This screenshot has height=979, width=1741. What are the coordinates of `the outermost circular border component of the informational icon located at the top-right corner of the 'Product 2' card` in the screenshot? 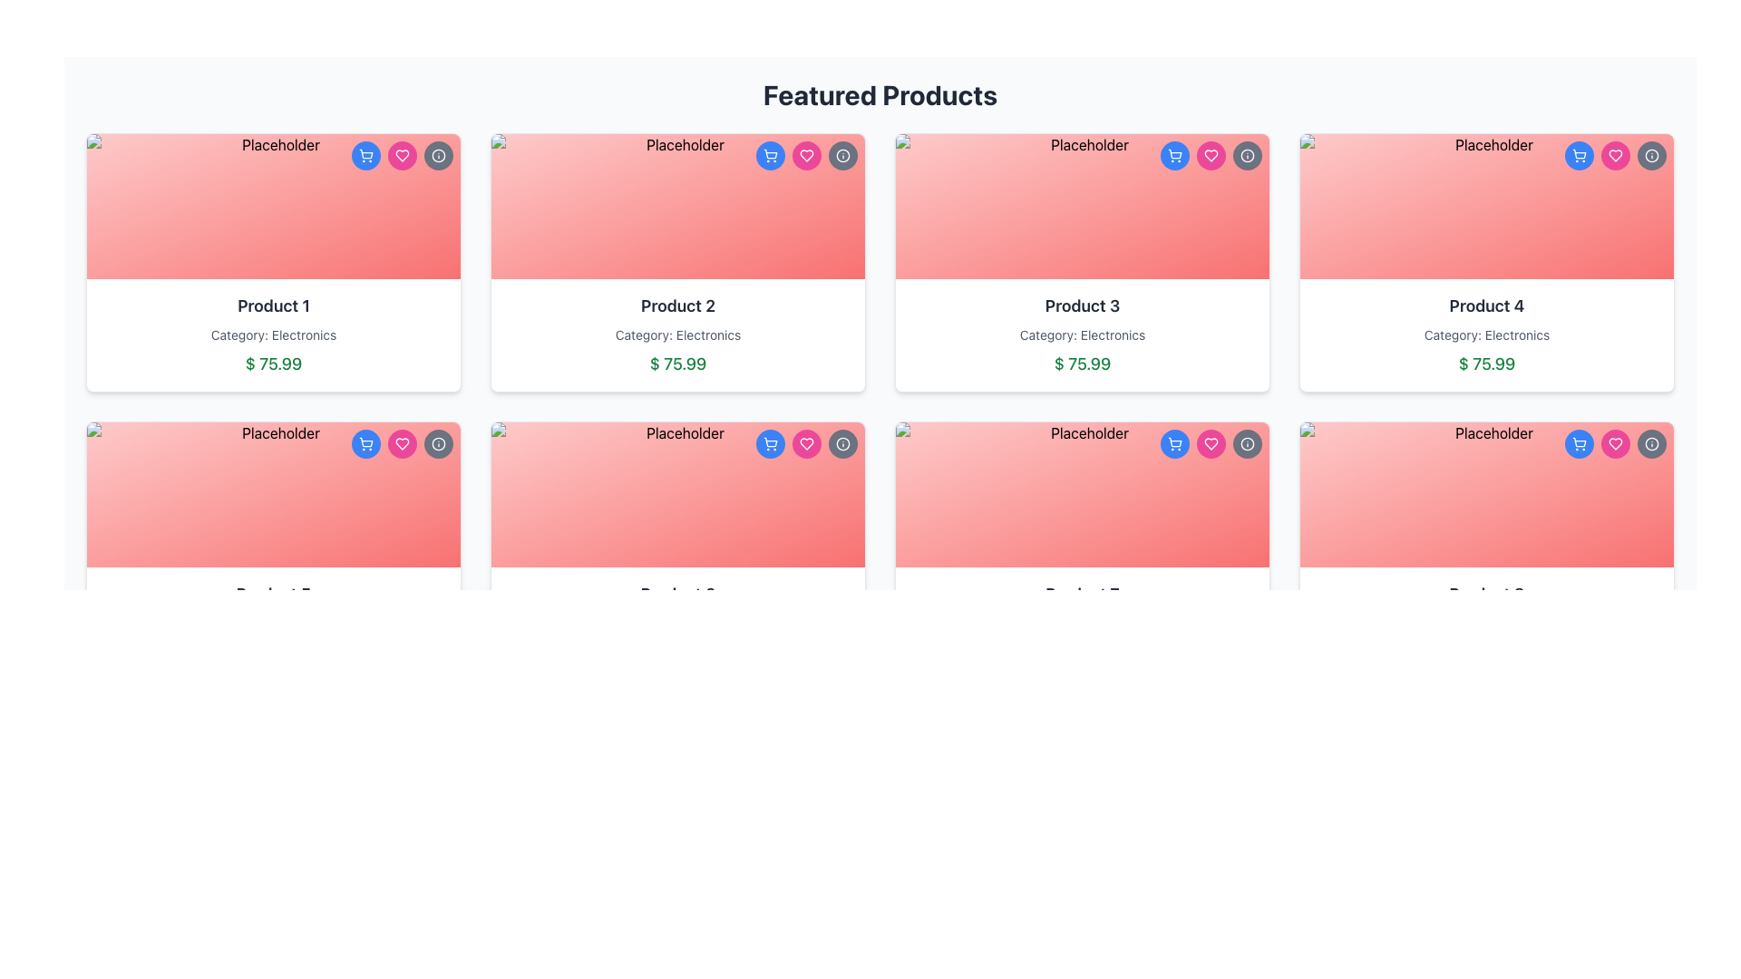 It's located at (842, 443).